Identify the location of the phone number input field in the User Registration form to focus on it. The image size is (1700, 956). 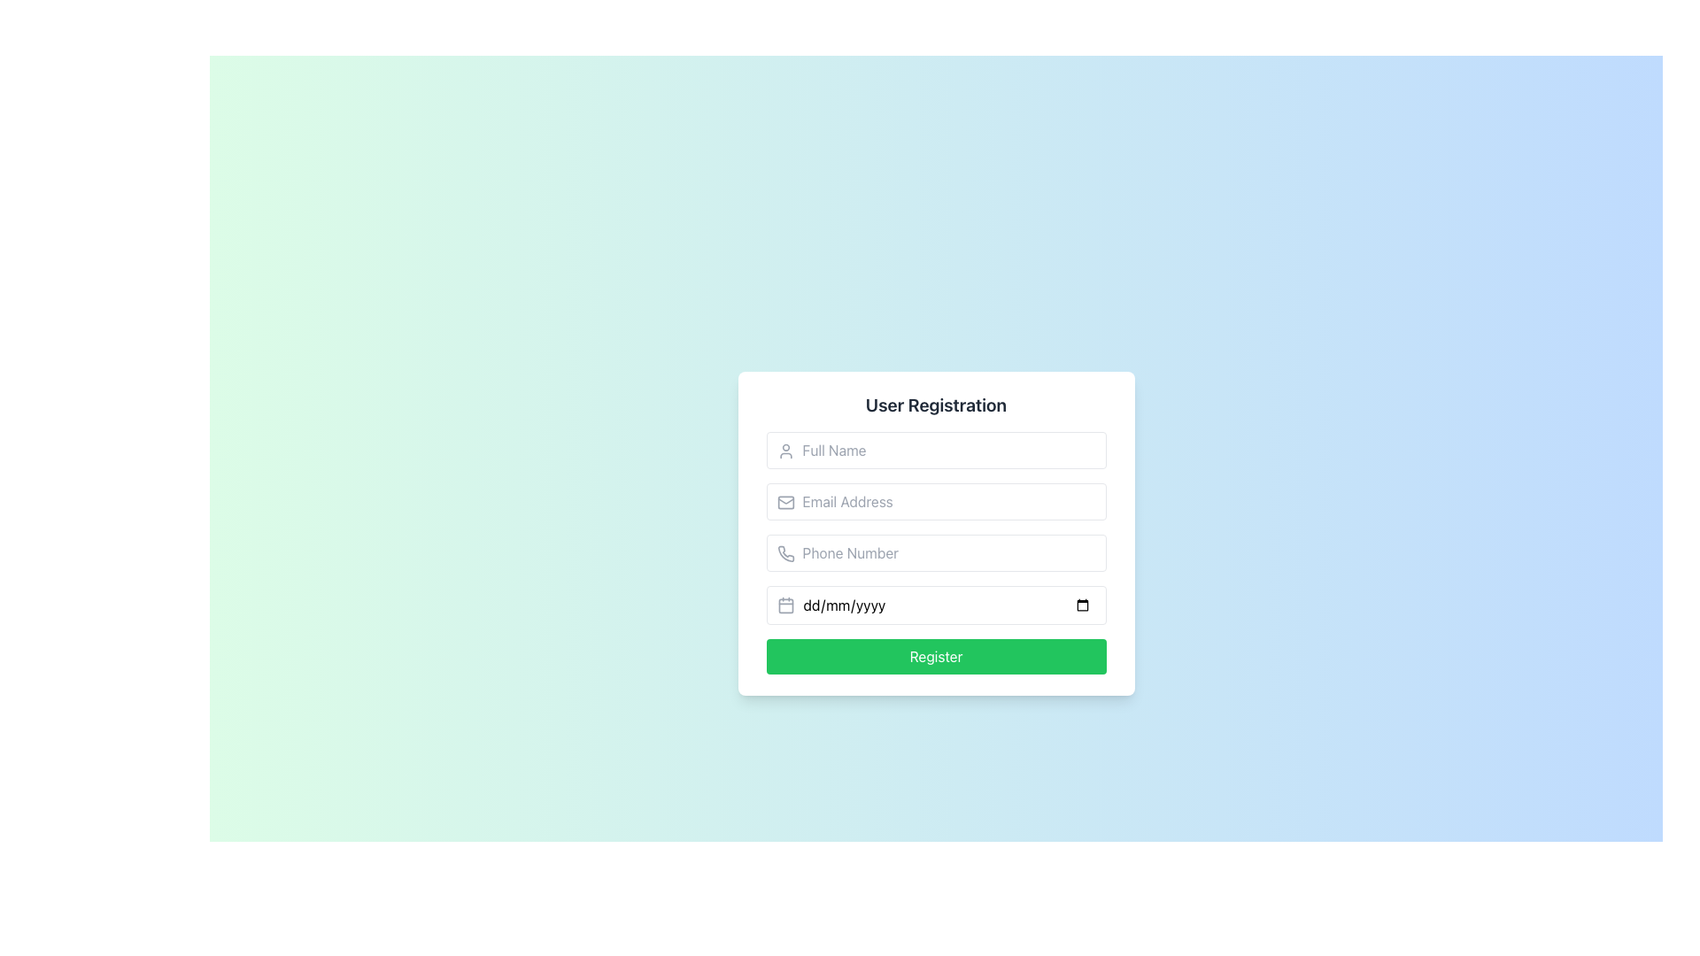
(935, 532).